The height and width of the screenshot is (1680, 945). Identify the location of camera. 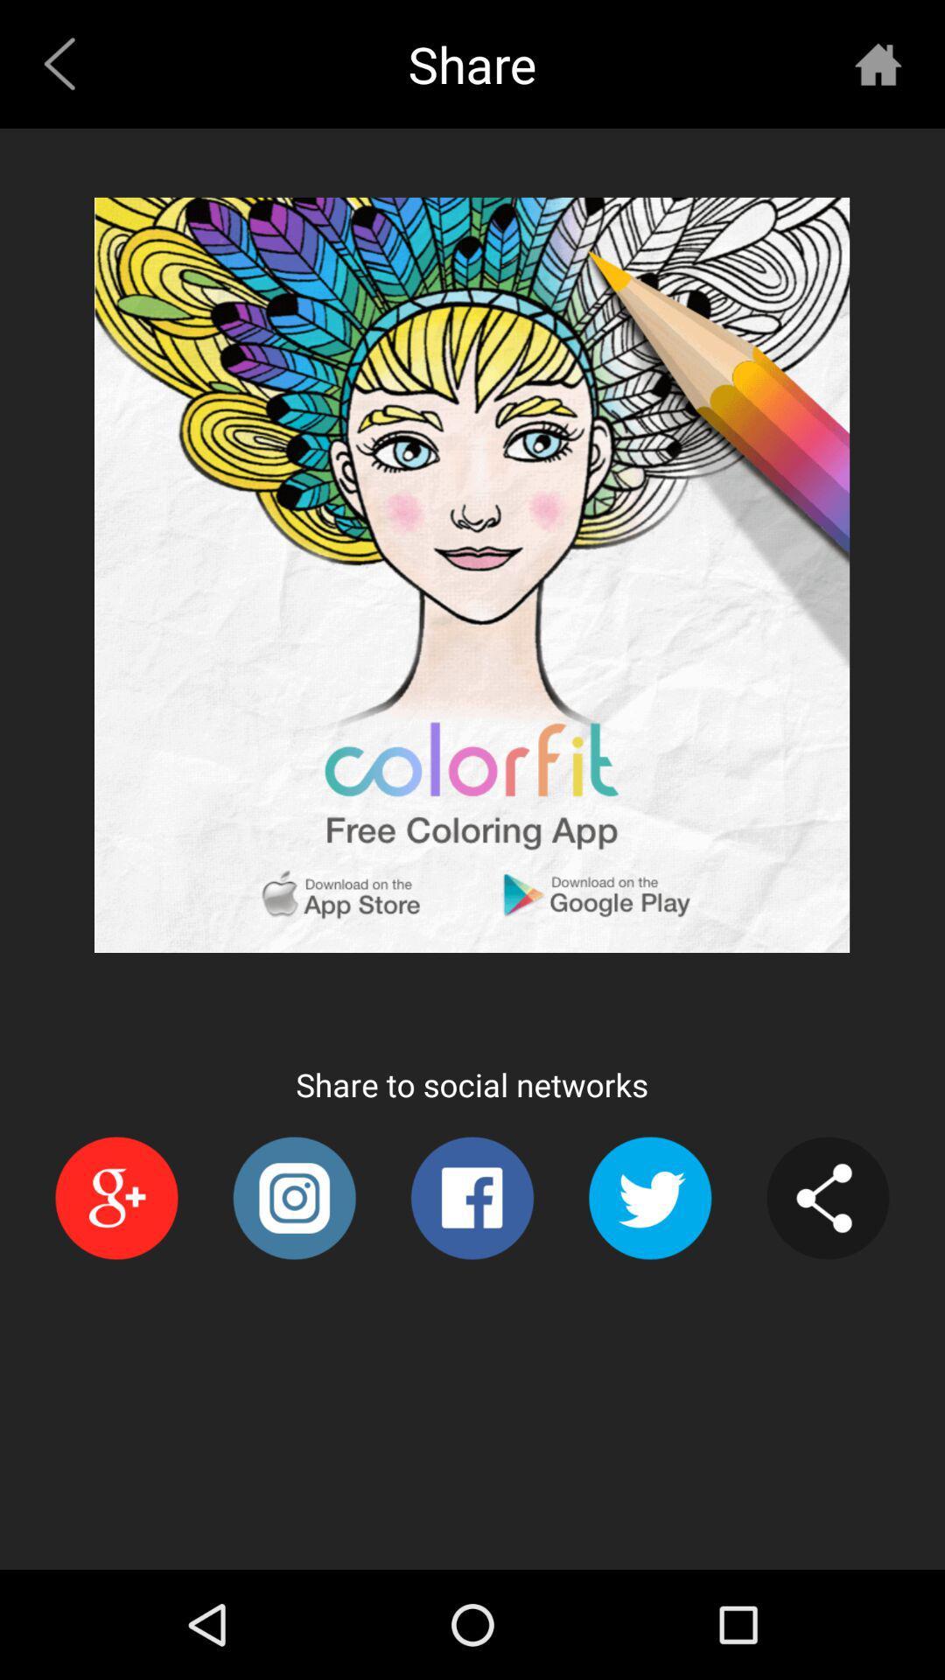
(293, 1197).